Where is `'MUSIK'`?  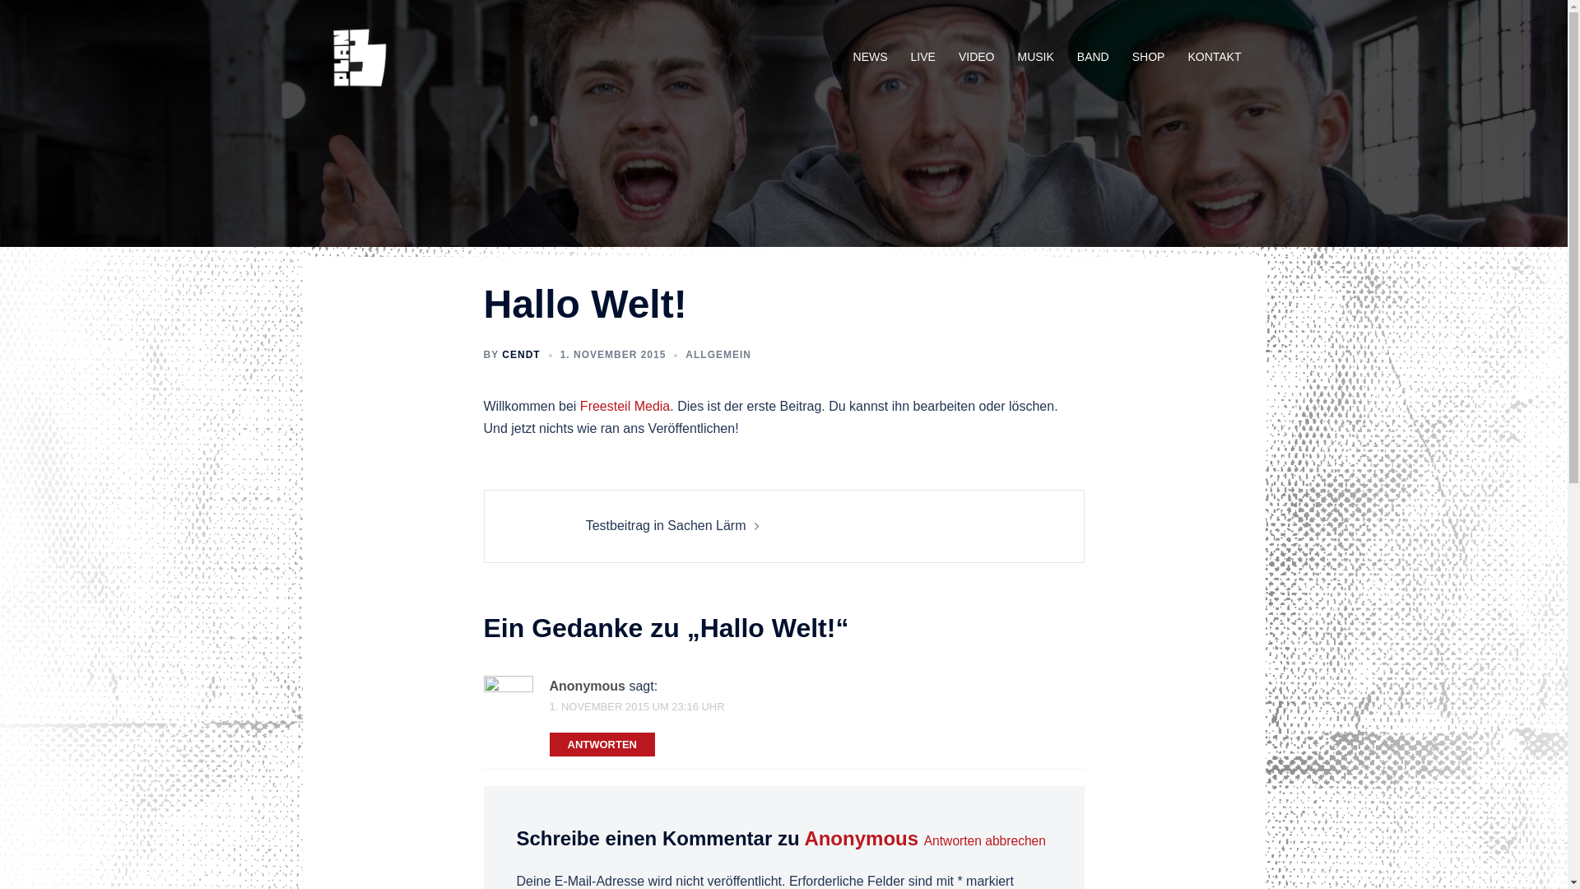
'MUSIK' is located at coordinates (1034, 56).